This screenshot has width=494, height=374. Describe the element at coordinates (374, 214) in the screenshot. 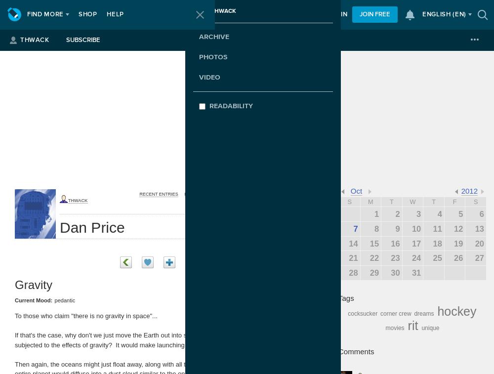

I see `'1'` at that location.